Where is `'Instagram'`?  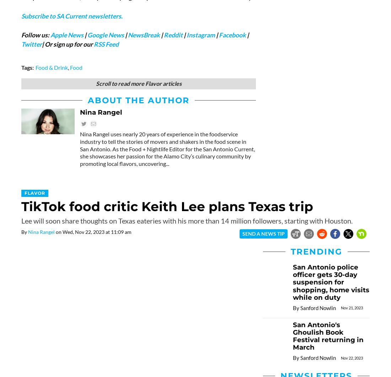 'Instagram' is located at coordinates (200, 35).